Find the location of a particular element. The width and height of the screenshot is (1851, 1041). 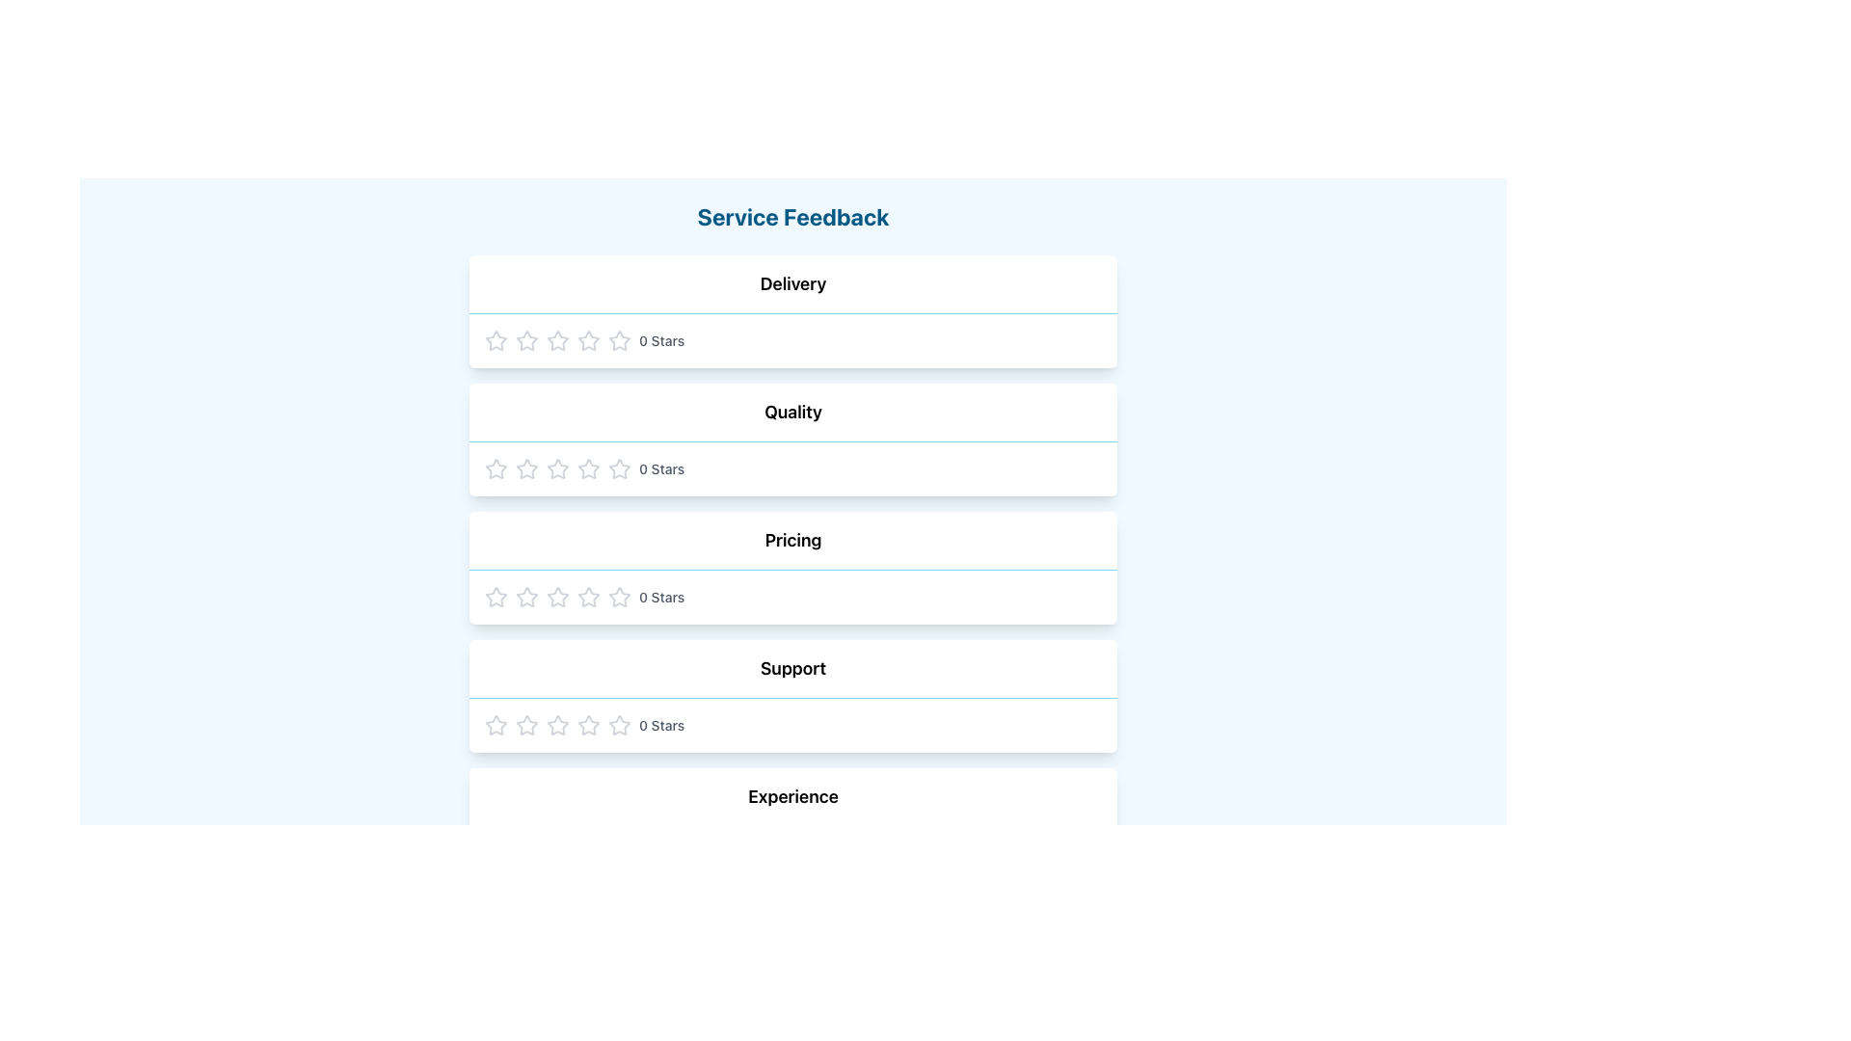

the sixth star-shaped rating icon in the Quality section is located at coordinates (587, 468).